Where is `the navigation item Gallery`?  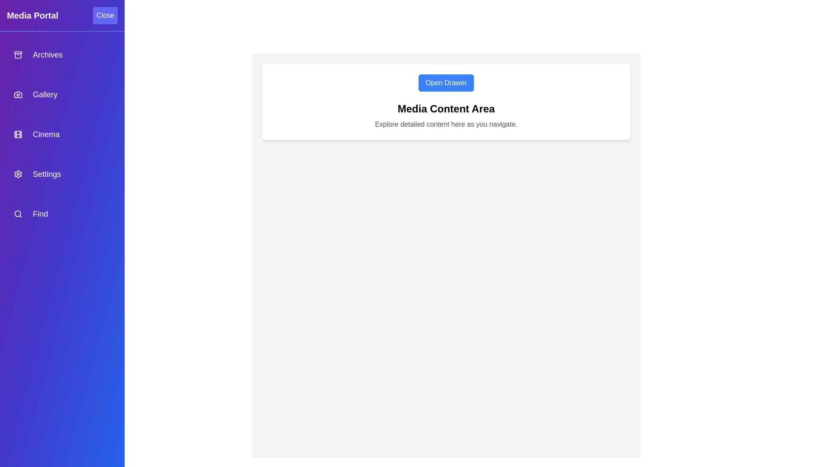 the navigation item Gallery is located at coordinates (62, 95).